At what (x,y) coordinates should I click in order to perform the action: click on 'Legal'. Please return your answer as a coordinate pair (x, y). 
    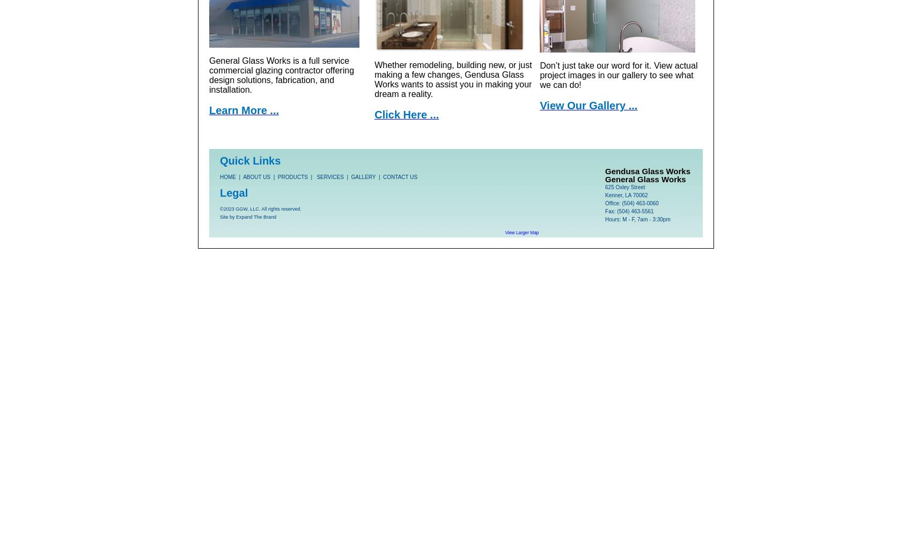
    Looking at the image, I should click on (234, 192).